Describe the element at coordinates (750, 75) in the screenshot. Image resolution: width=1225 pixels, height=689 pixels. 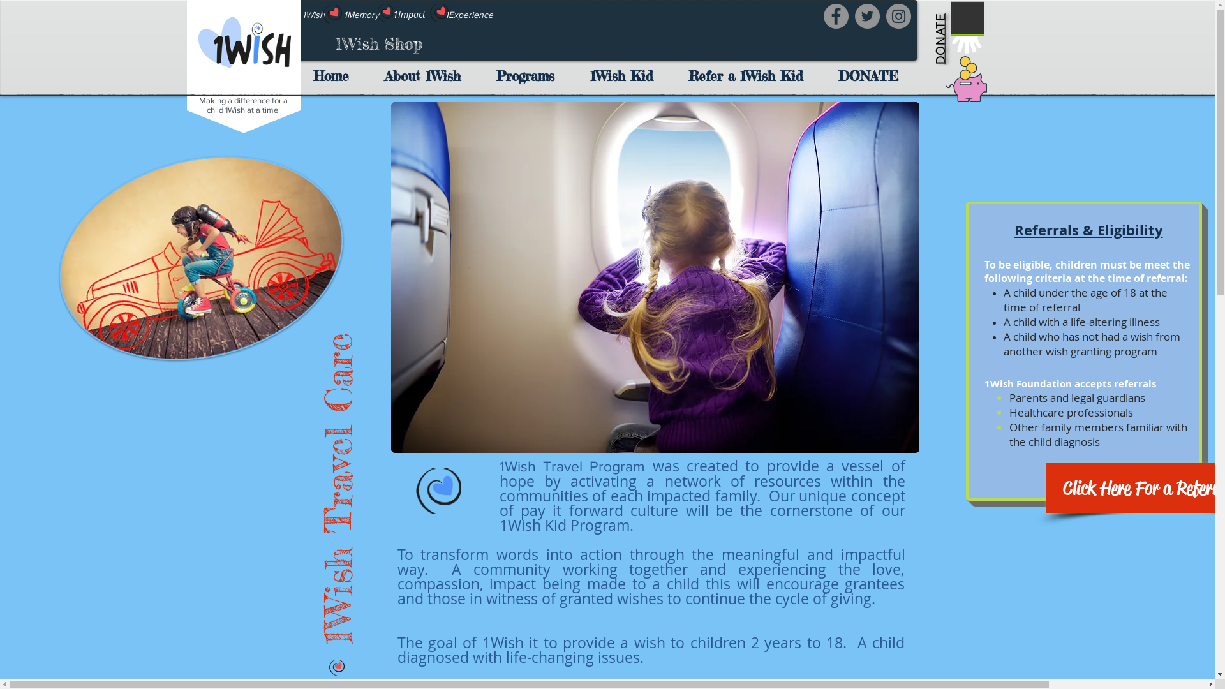
I see `'Refer a 1Wish Kid'` at that location.